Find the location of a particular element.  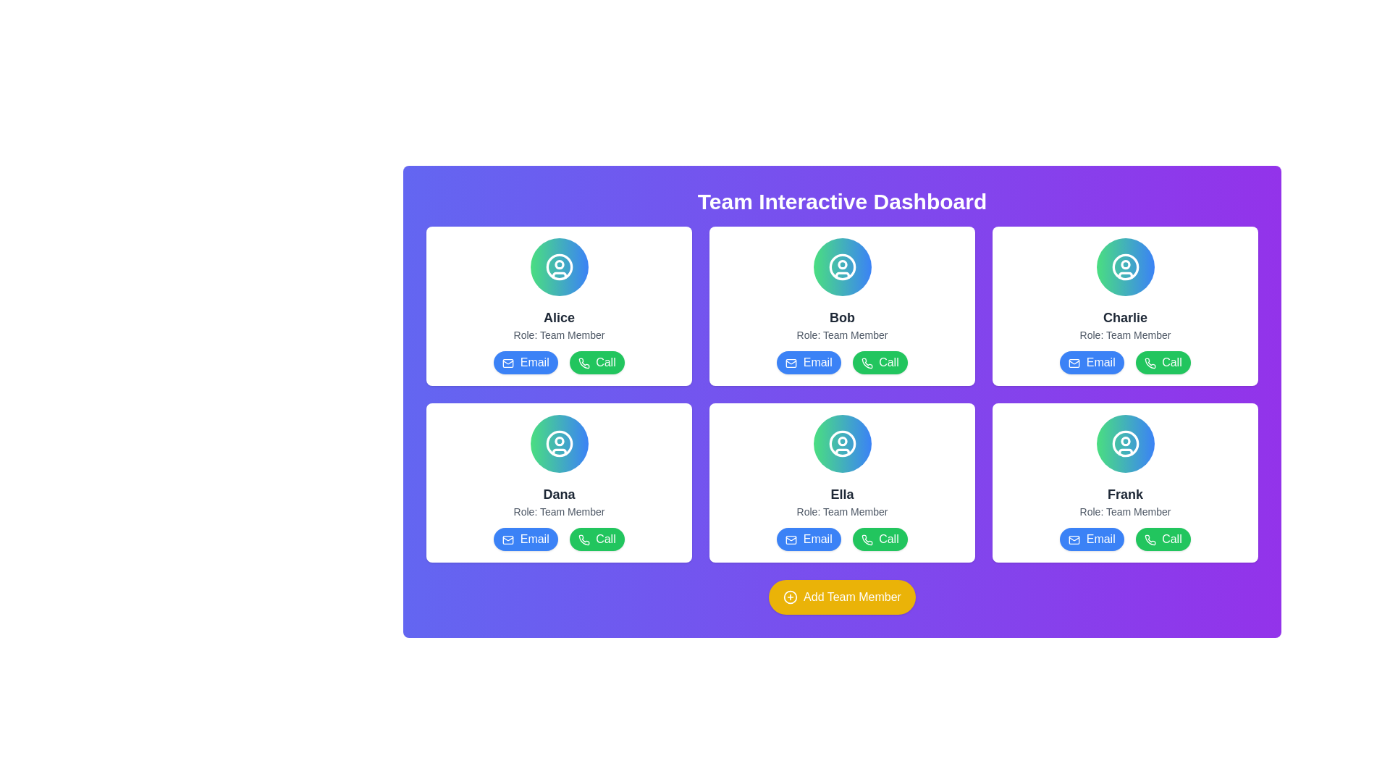

the 'Call' button in the segmented button group for 'Charlie' to initiate a call is located at coordinates (1124, 362).